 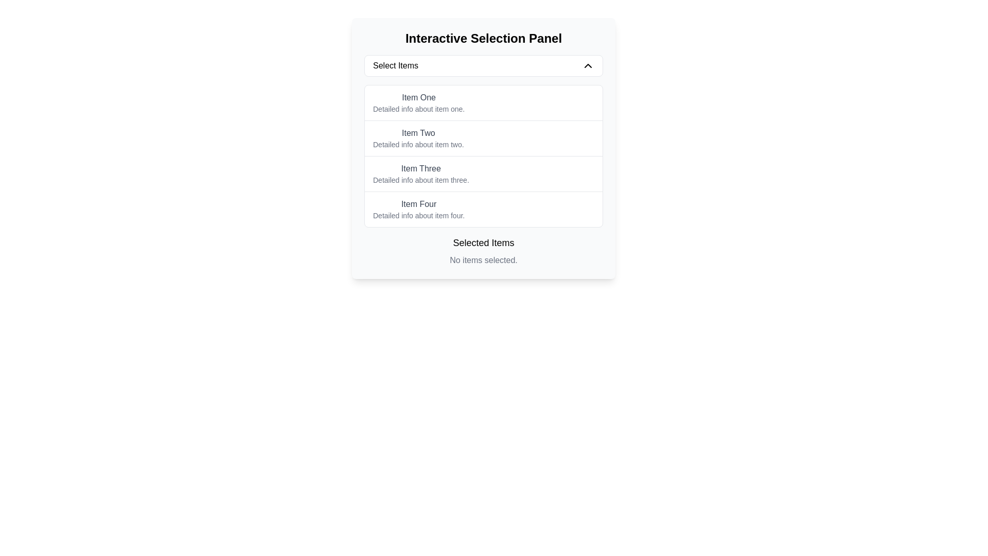 What do you see at coordinates (588, 65) in the screenshot?
I see `the upward-pointing chevron icon located to the far right of the 'Select Items' text to focus it with a pointer` at bounding box center [588, 65].